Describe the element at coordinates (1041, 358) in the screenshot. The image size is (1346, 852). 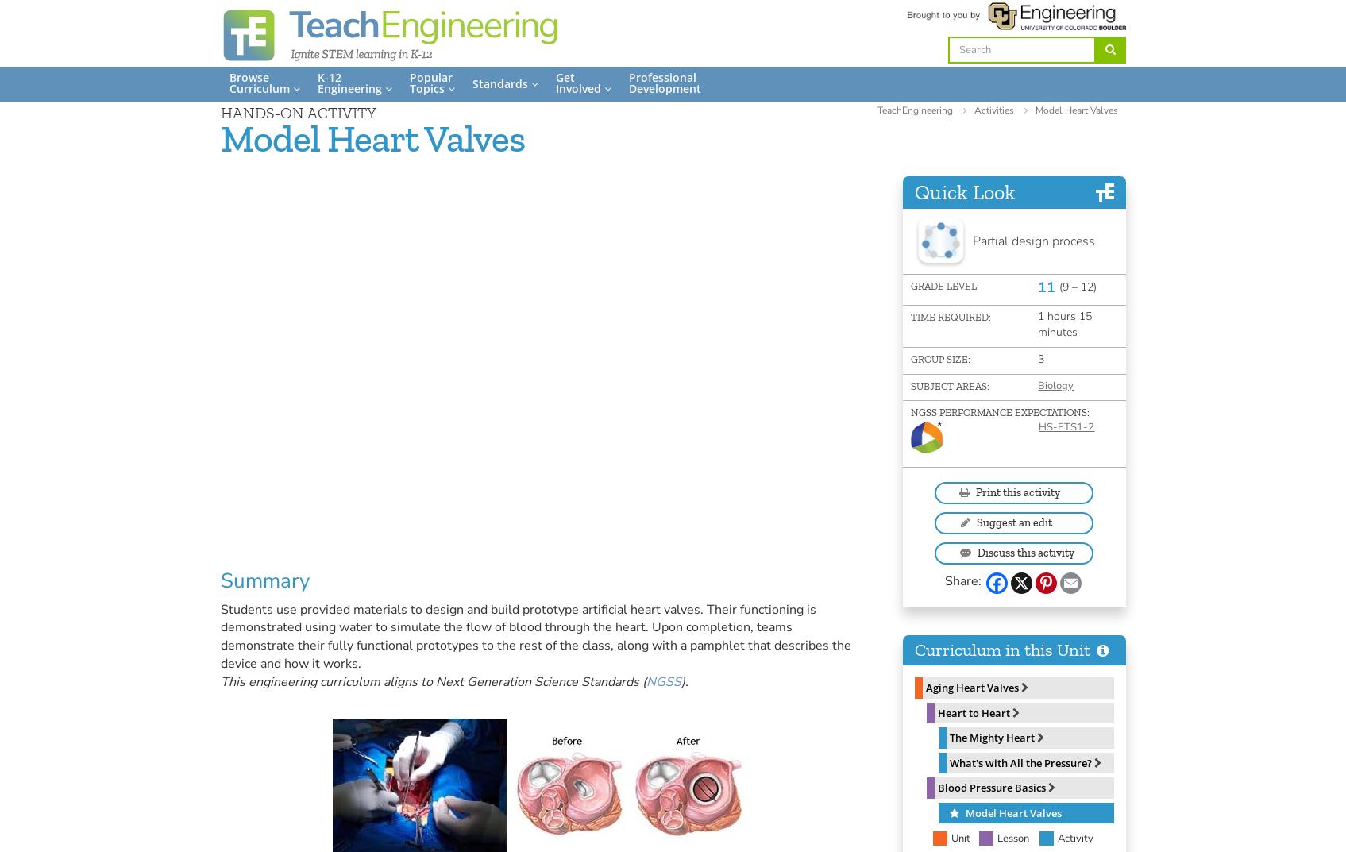
I see `'3'` at that location.